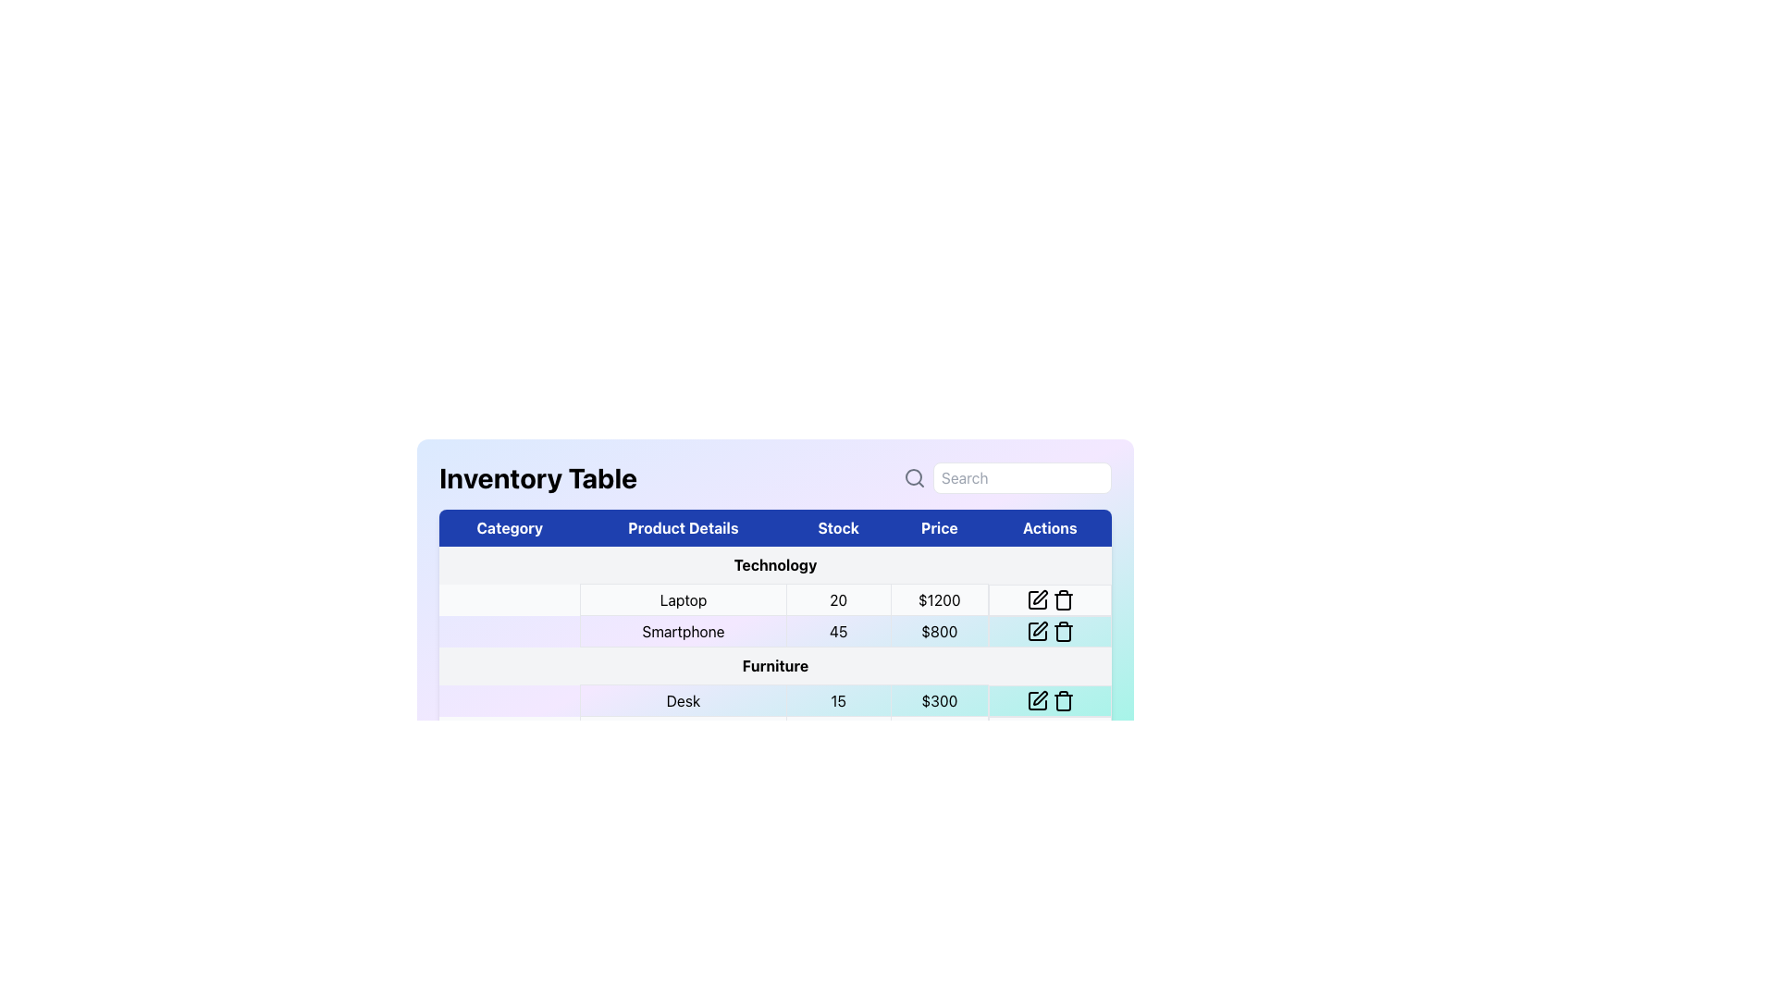  Describe the element at coordinates (1037, 599) in the screenshot. I see `the 'Edit' button in the 'Actions' column for the 'Laptop' row` at that location.